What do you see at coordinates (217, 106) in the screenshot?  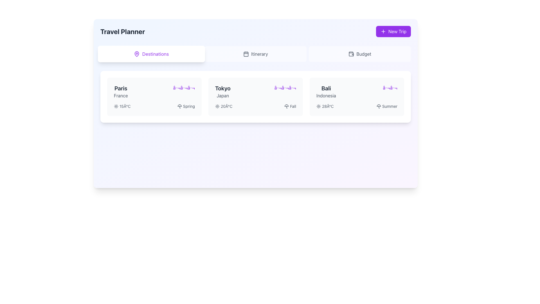 I see `the sunny weather icon located within the 'Tokyo' card, which displays a temperature of 20°C and the text 'Fall'. This icon is positioned to the left of the temperature display` at bounding box center [217, 106].